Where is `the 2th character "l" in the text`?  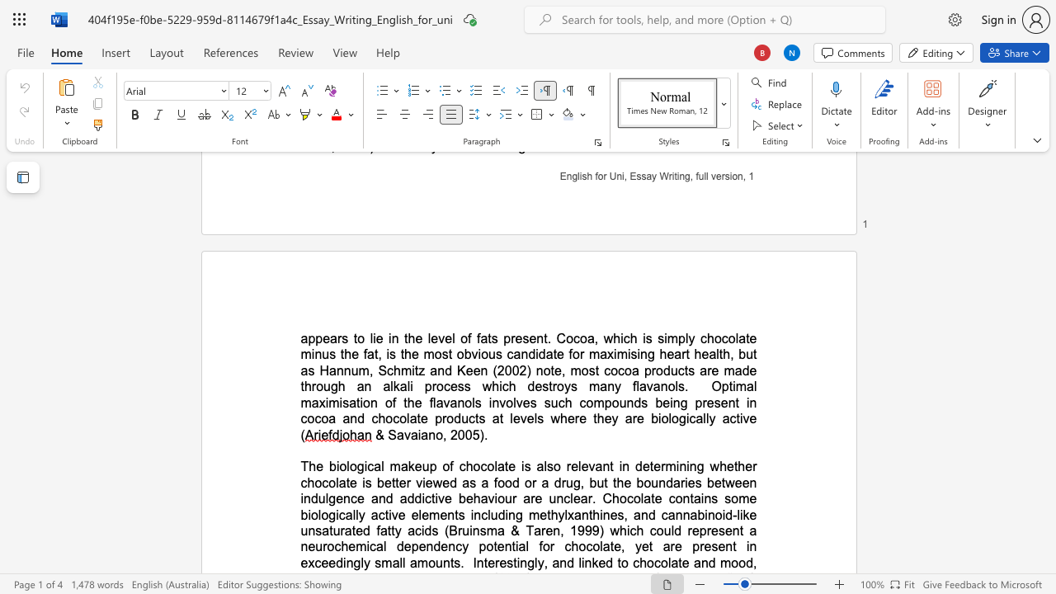
the 2th character "l" in the text is located at coordinates (580, 562).